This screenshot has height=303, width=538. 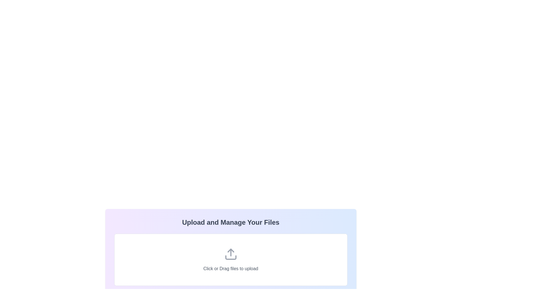 I want to click on the upward-facing arrow SVG icon with a dashed border, located centrally in the upload section of the interface, so click(x=231, y=254).